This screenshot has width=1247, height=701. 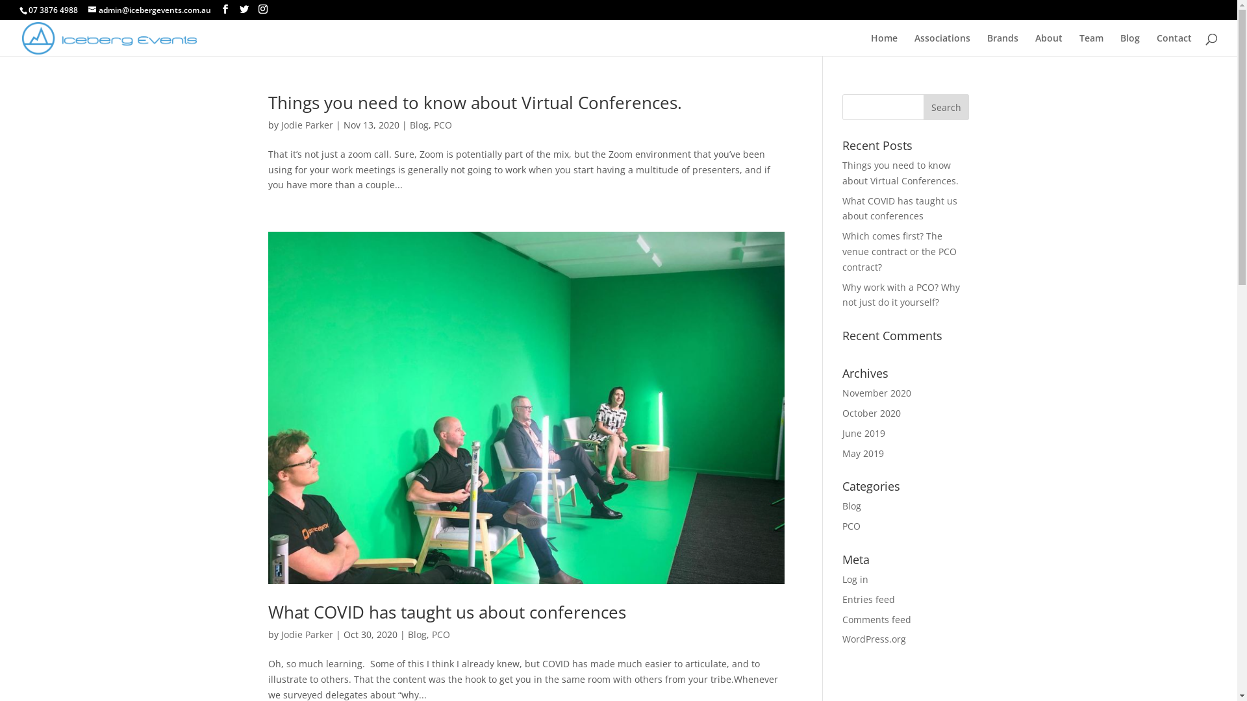 What do you see at coordinates (876, 392) in the screenshot?
I see `'November 2020'` at bounding box center [876, 392].